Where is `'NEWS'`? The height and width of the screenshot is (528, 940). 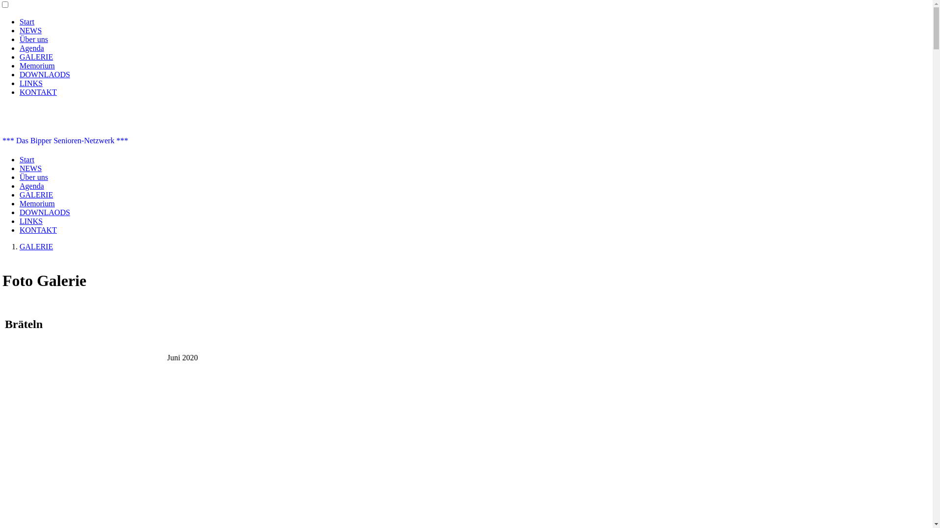 'NEWS' is located at coordinates (30, 30).